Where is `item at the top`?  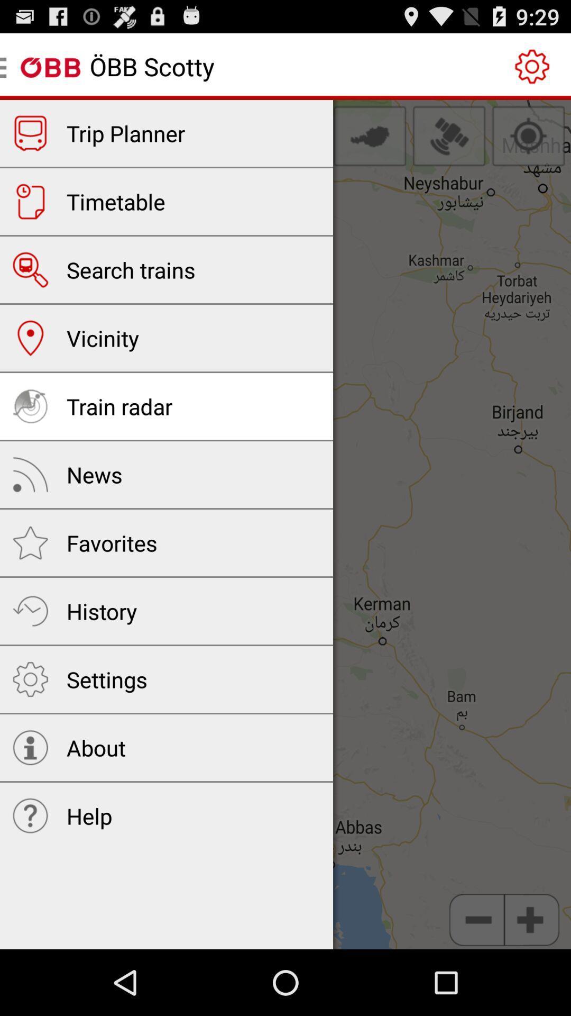
item at the top is located at coordinates (369, 135).